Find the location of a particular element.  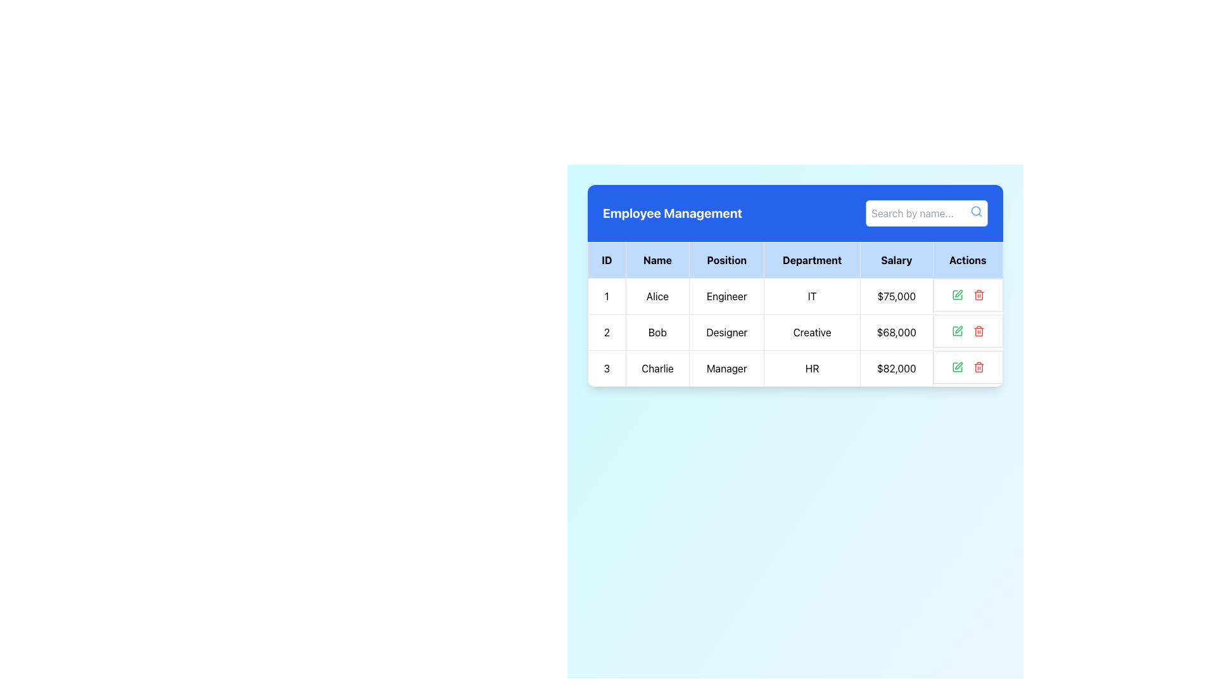

text from the Table Header Row of the Employee Management table, which contains the column labels 'ID', 'Name', 'Position', 'Department', 'Salary', and 'Actions' is located at coordinates (795, 260).